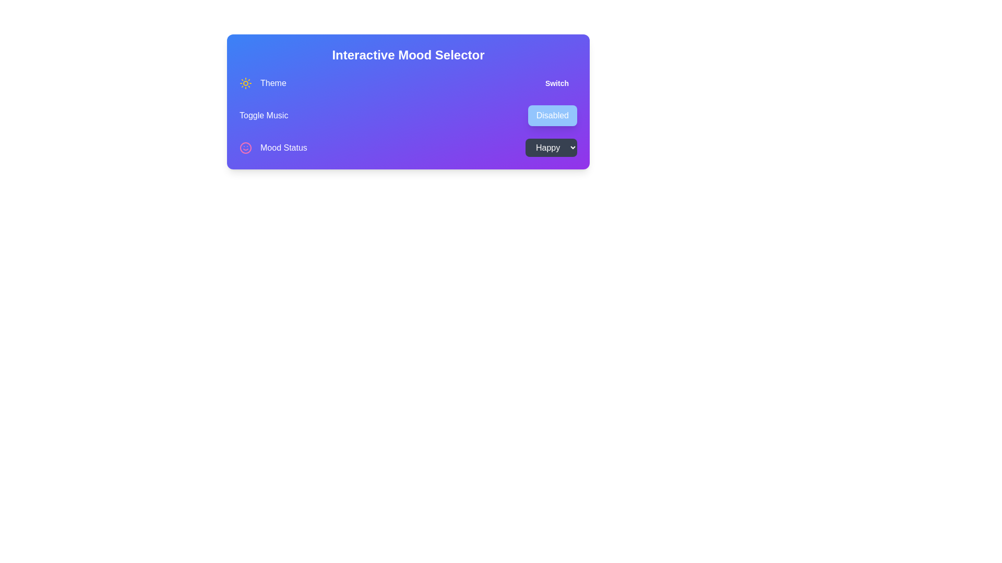  I want to click on the 'Happy' dropdown menu button with a dark gray background and white text, so click(551, 148).